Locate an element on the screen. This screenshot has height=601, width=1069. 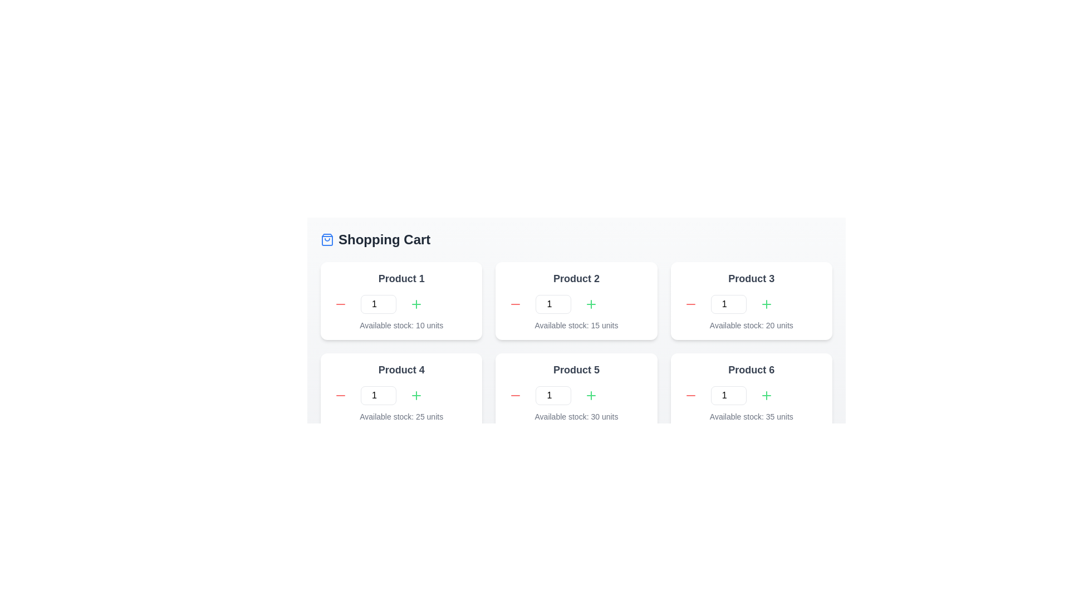
the button to decrease the count of Product 5 in the shopping cart, which is the first item in the horizontal list of elements next to the quantity input field and the plus button is located at coordinates (515, 395).